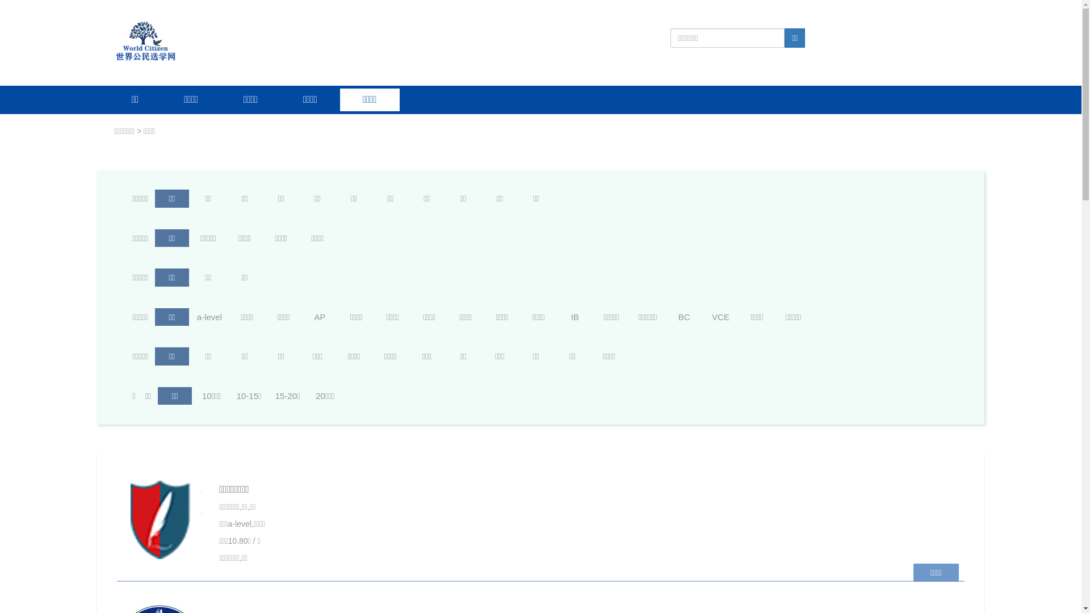  What do you see at coordinates (683, 317) in the screenshot?
I see `'BC'` at bounding box center [683, 317].